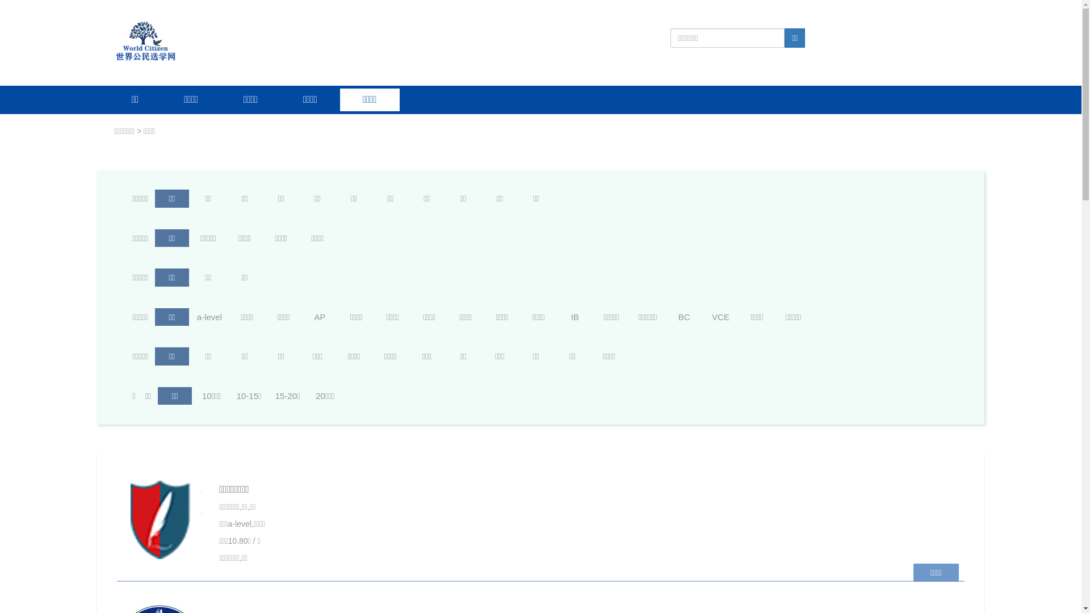  What do you see at coordinates (683, 317) in the screenshot?
I see `'BC'` at bounding box center [683, 317].